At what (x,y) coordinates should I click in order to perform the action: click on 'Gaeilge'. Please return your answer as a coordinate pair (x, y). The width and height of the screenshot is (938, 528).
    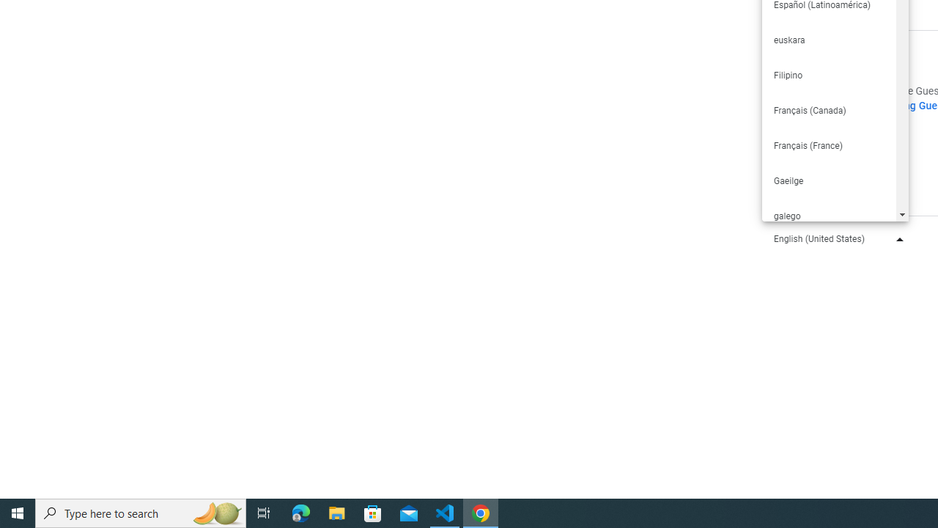
    Looking at the image, I should click on (828, 180).